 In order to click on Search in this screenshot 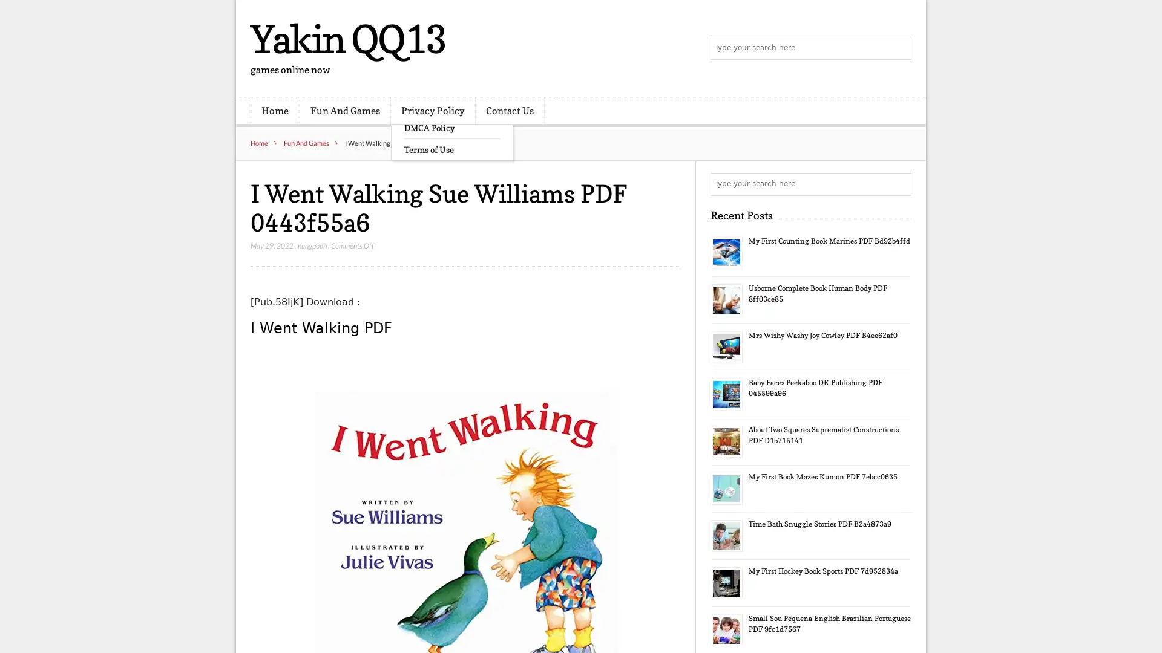, I will do `click(899, 48)`.